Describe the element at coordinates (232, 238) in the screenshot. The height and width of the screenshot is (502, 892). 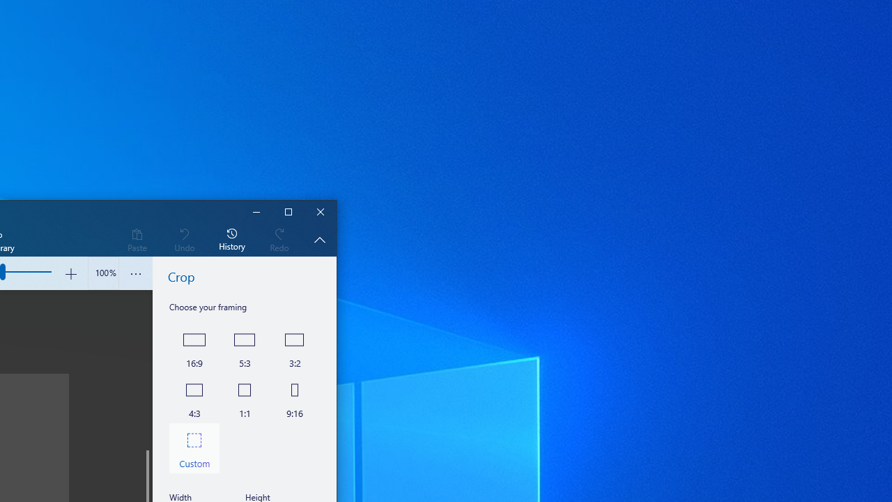
I see `'History'` at that location.